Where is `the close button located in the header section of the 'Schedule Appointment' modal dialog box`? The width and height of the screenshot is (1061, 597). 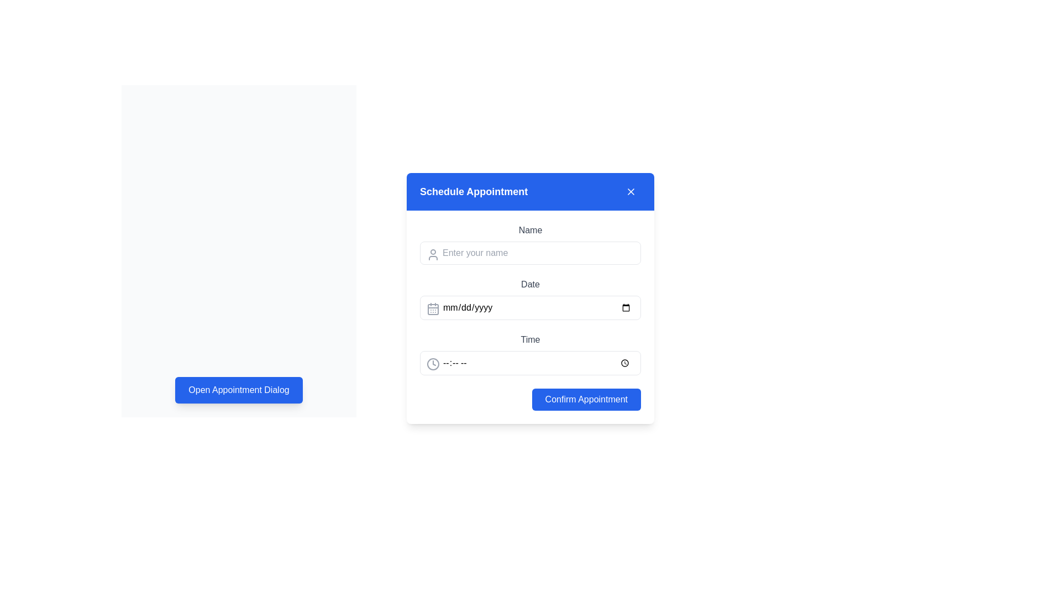 the close button located in the header section of the 'Schedule Appointment' modal dialog box is located at coordinates (631, 191).